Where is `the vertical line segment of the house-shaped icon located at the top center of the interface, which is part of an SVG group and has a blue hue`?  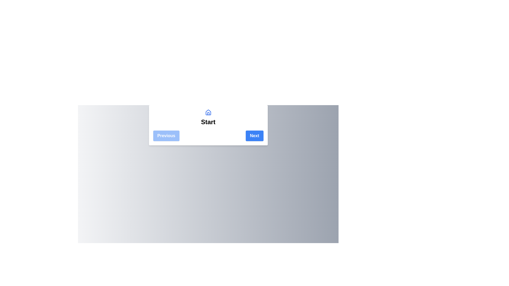
the vertical line segment of the house-shaped icon located at the top center of the interface, which is part of an SVG group and has a blue hue is located at coordinates (208, 113).